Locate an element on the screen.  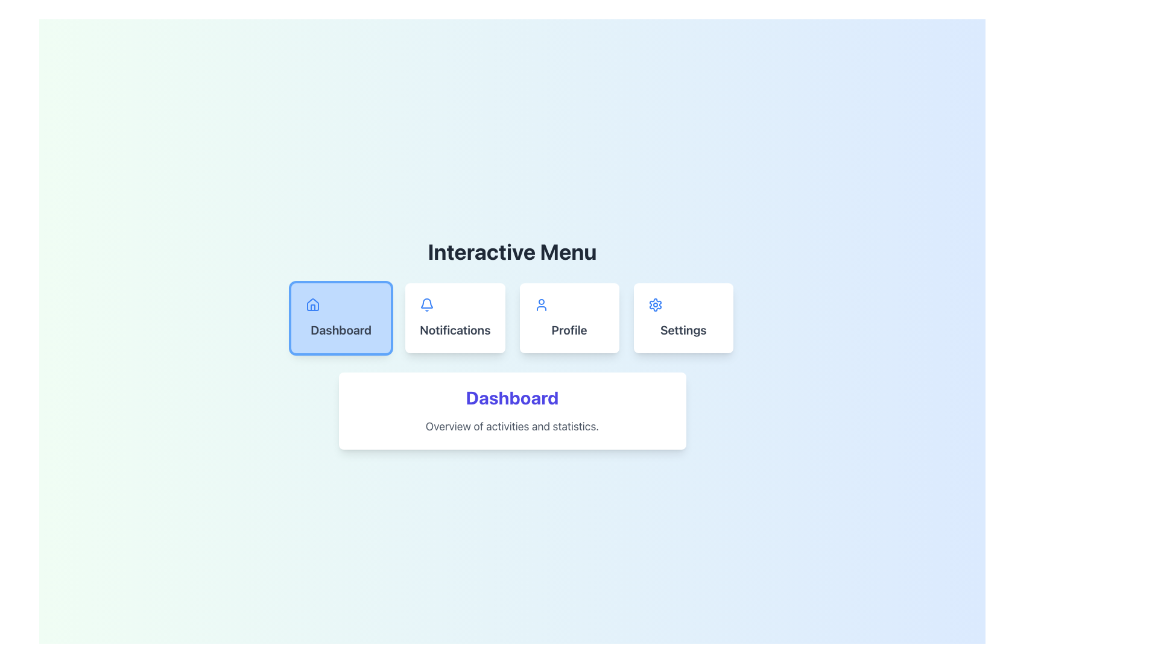
the user profile icon located in the third tile from the left, centered above the text 'Profile' is located at coordinates (540, 304).